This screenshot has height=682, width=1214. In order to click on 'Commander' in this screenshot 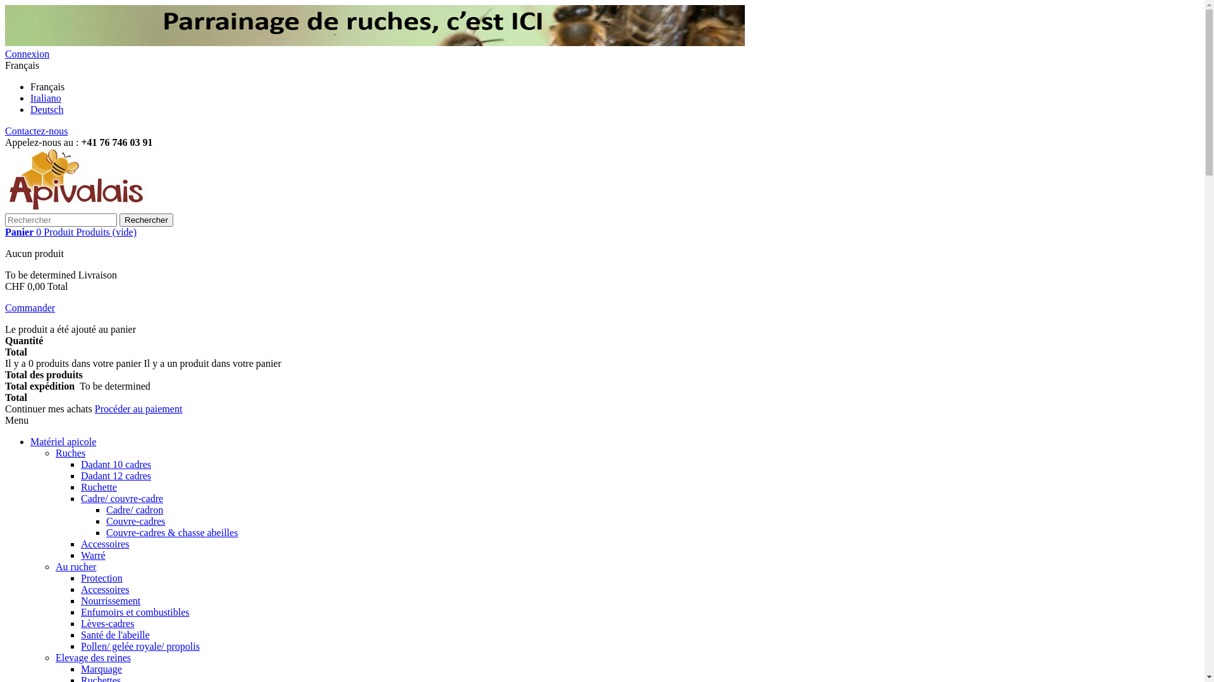, I will do `click(5, 308)`.